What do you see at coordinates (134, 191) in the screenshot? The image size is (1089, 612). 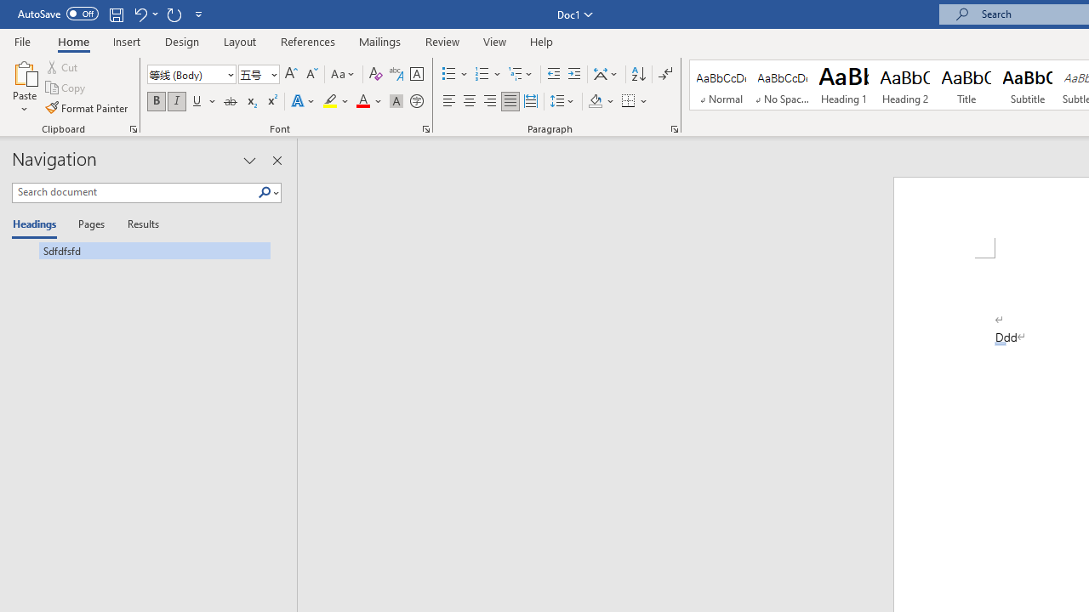 I see `'Search document'` at bounding box center [134, 191].